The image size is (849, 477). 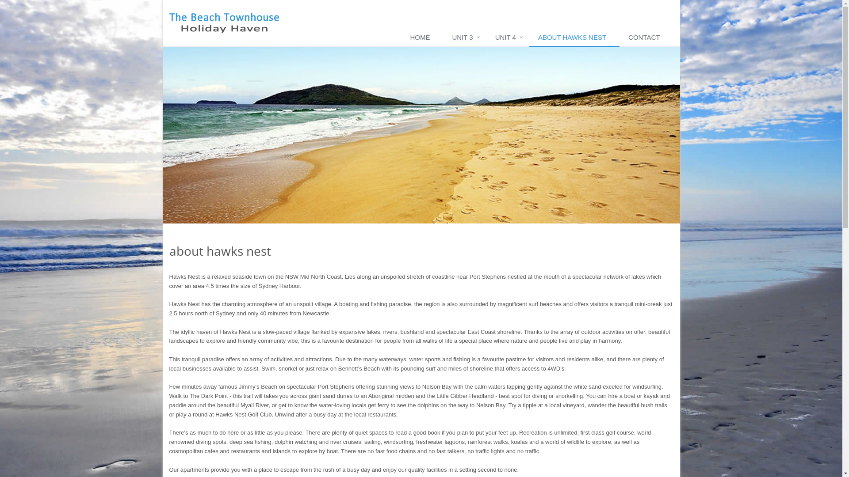 What do you see at coordinates (646, 37) in the screenshot?
I see `'CONTACT'` at bounding box center [646, 37].